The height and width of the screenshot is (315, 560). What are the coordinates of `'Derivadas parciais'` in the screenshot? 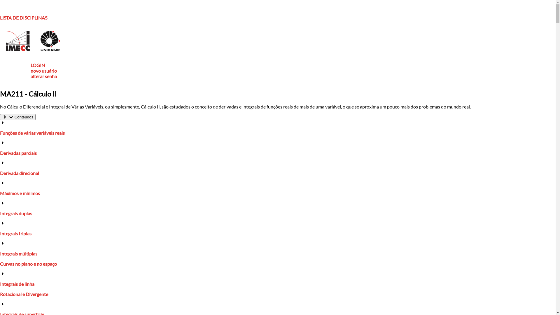 It's located at (18, 153).